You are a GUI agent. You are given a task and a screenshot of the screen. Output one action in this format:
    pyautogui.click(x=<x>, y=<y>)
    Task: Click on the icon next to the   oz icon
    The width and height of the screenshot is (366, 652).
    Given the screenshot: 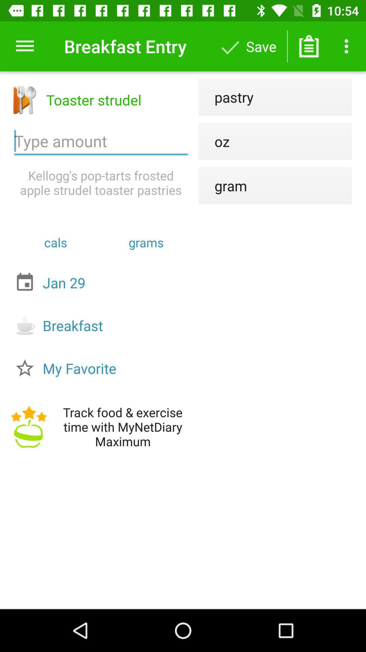 What is the action you would take?
    pyautogui.click(x=101, y=141)
    